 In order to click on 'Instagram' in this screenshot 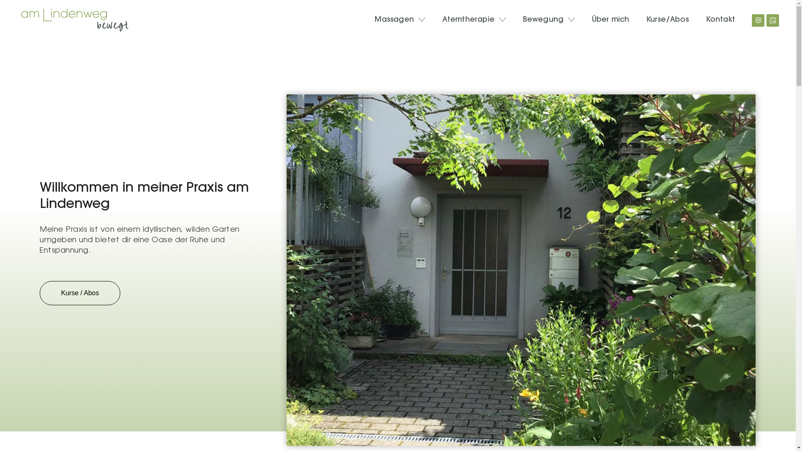, I will do `click(758, 20)`.